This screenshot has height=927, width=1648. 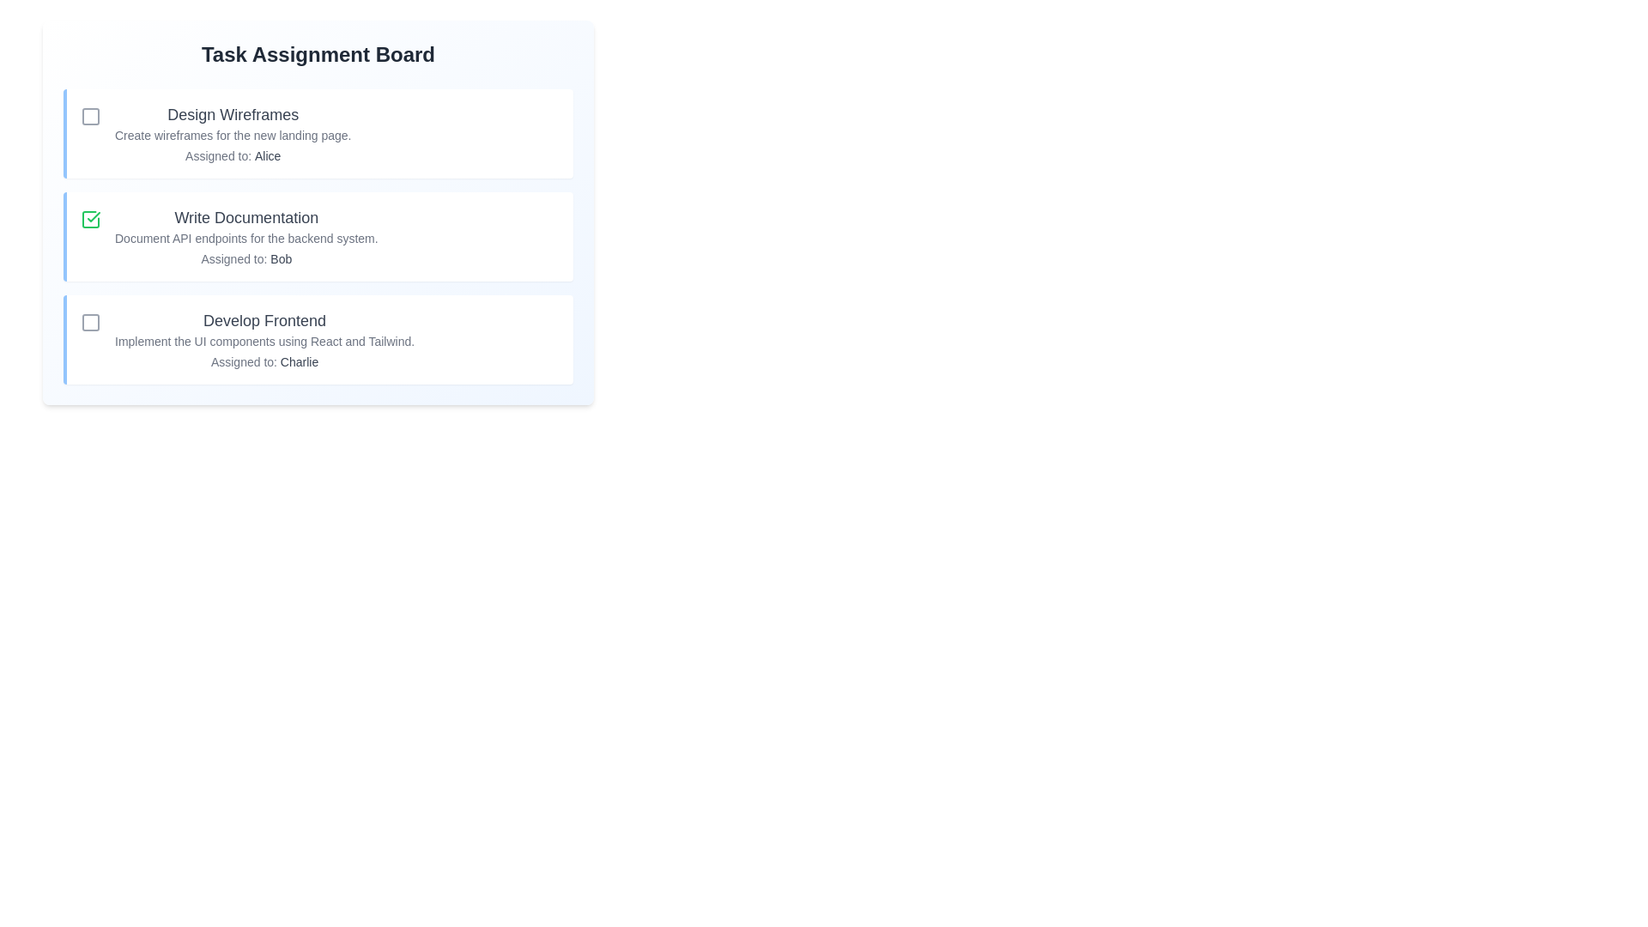 What do you see at coordinates (232, 135) in the screenshot?
I see `the static text that reads 'Create wireframes for the new landing page', which is located below the title 'Design Wireframes' and above 'Assigned to: Alice' in the task assignment board` at bounding box center [232, 135].